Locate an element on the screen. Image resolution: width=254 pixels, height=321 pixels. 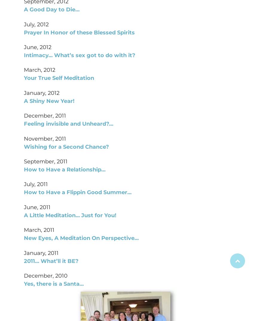
'Flippin' is located at coordinates (76, 192).